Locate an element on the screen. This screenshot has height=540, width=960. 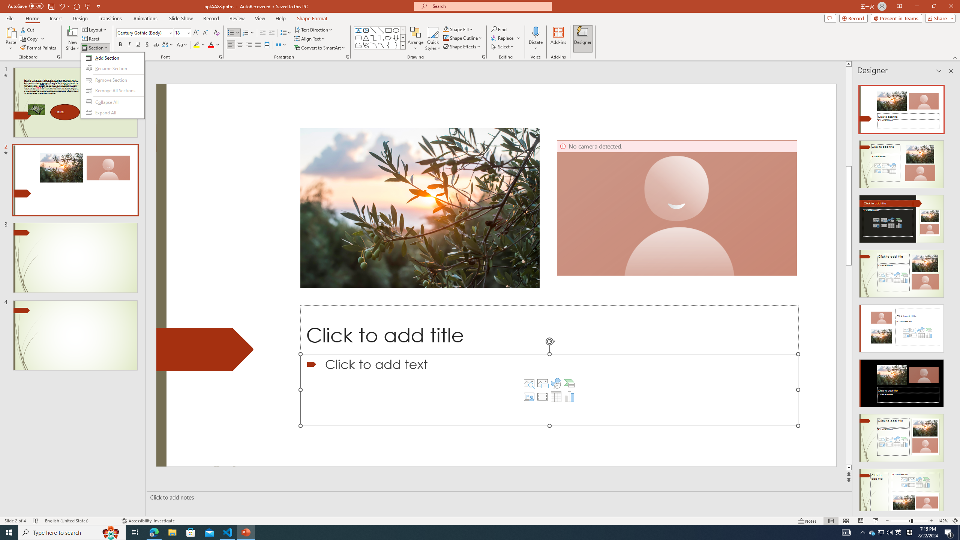
'Shape Outline Teal, Accent 1' is located at coordinates (446, 37).